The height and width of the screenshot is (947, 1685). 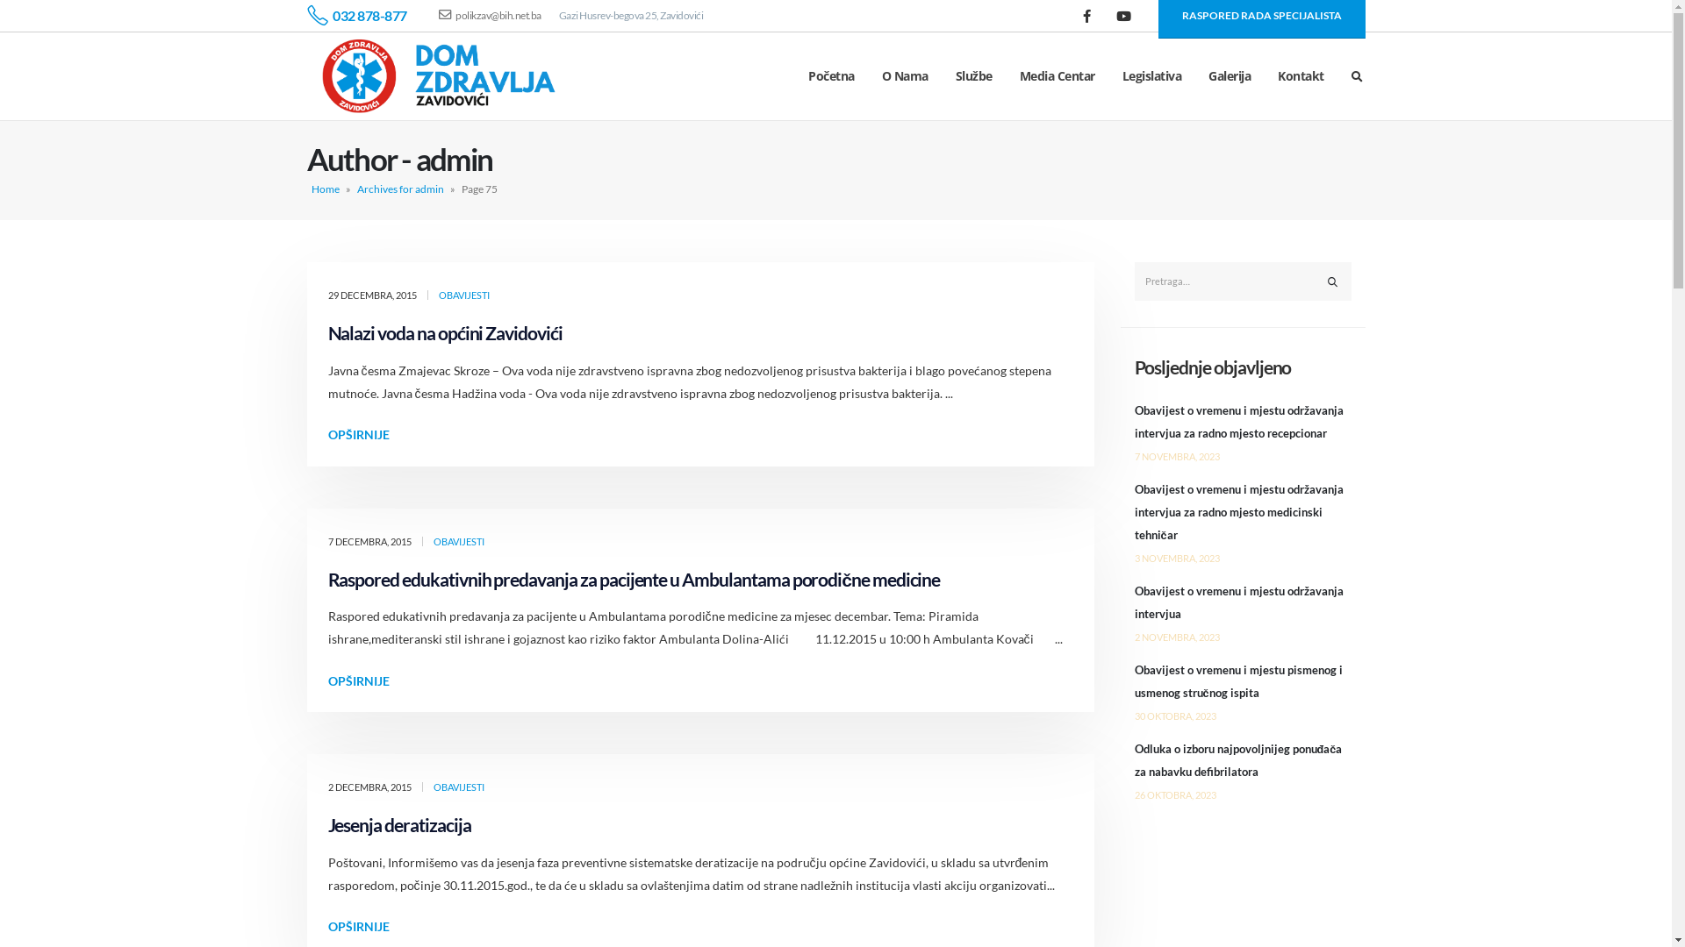 I want to click on 'Jesenja deratizacija', so click(x=398, y=824).